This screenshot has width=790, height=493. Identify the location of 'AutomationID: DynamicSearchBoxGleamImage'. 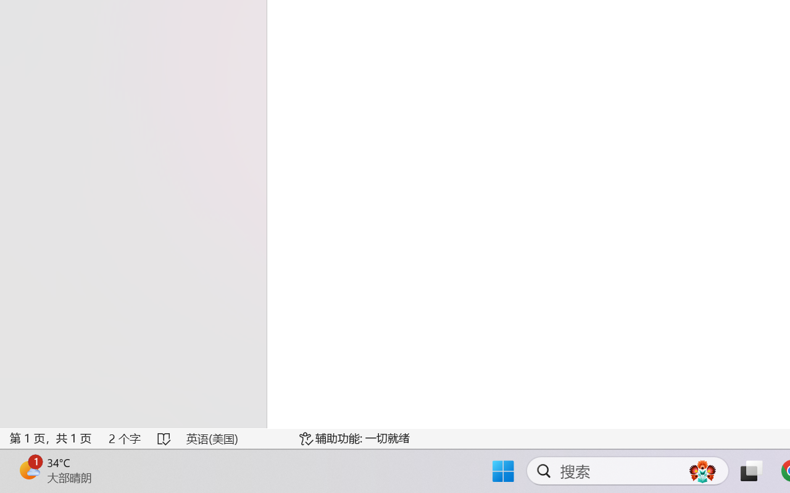
(702, 471).